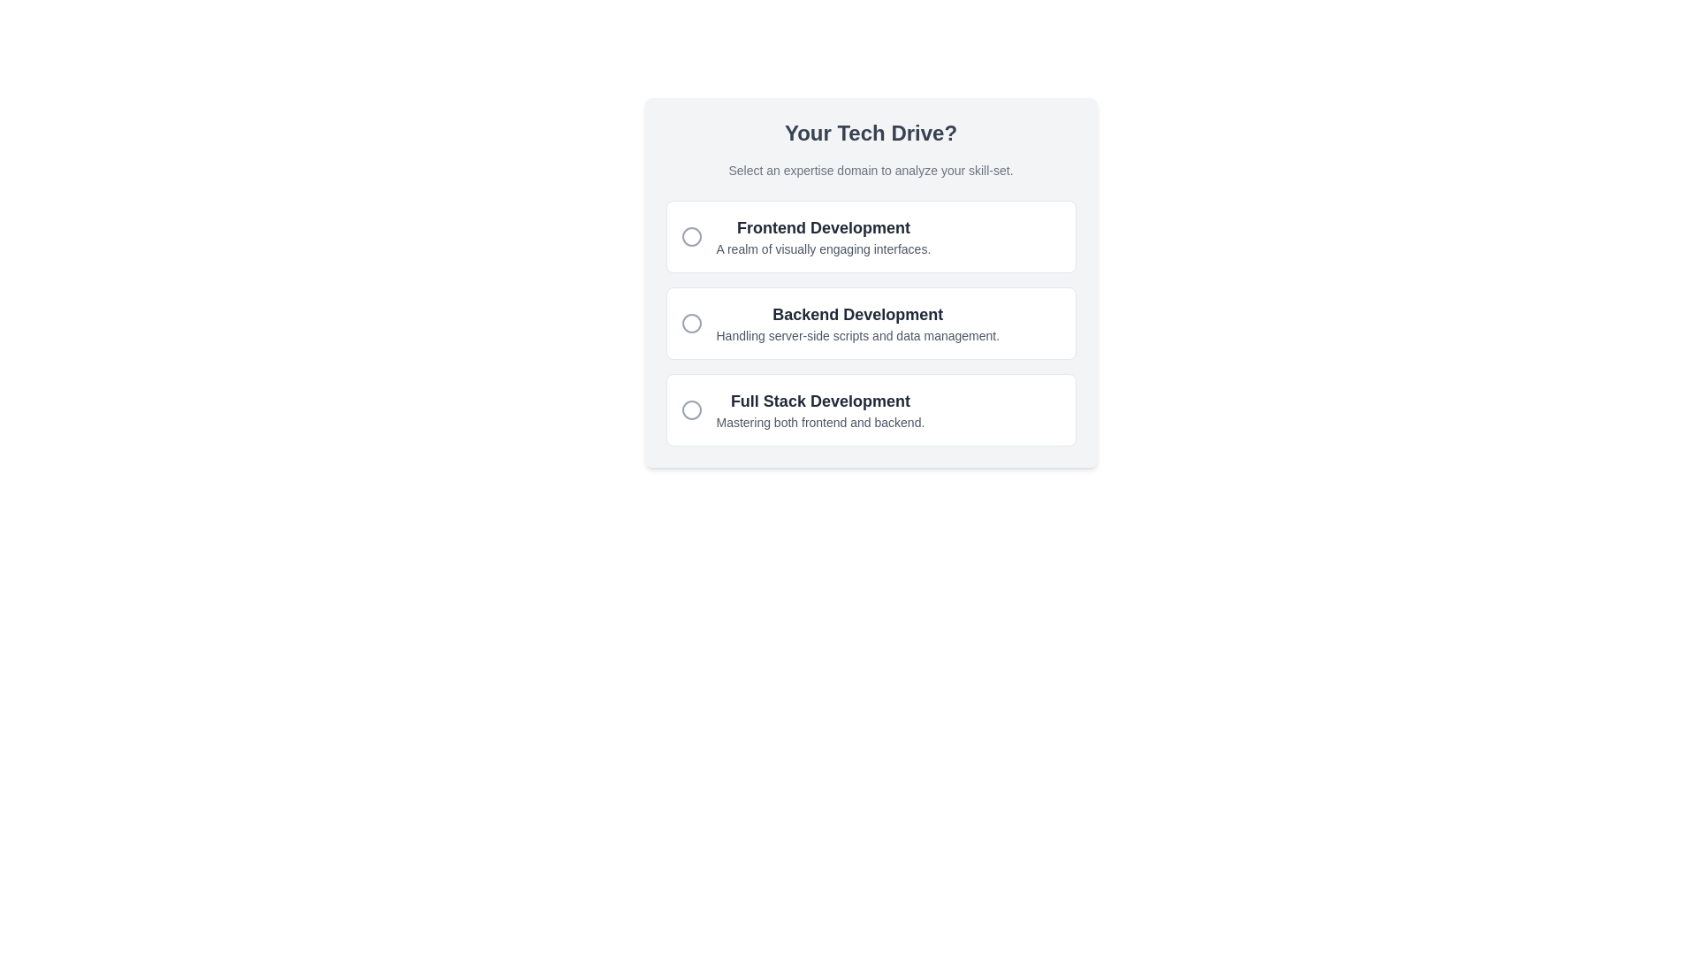 Image resolution: width=1697 pixels, height=955 pixels. Describe the element at coordinates (857, 336) in the screenshot. I see `the text label that reads "Handling server-side scripts and data management." located under the 'Backend Development' heading` at that location.